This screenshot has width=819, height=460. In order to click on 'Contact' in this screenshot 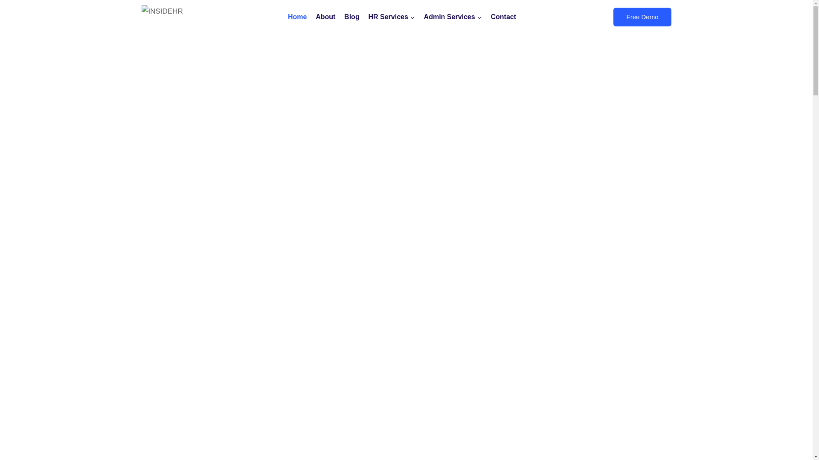, I will do `click(503, 17)`.